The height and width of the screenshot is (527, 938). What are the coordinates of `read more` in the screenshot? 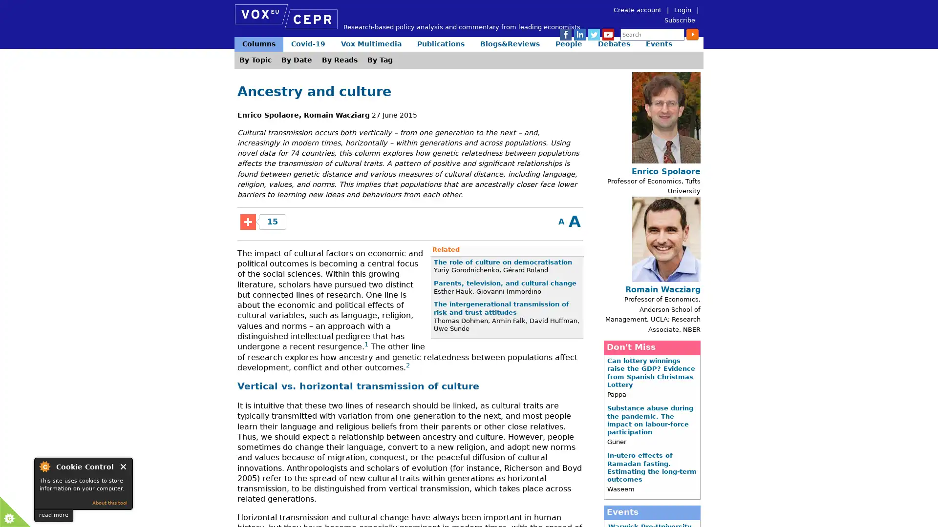 It's located at (53, 515).